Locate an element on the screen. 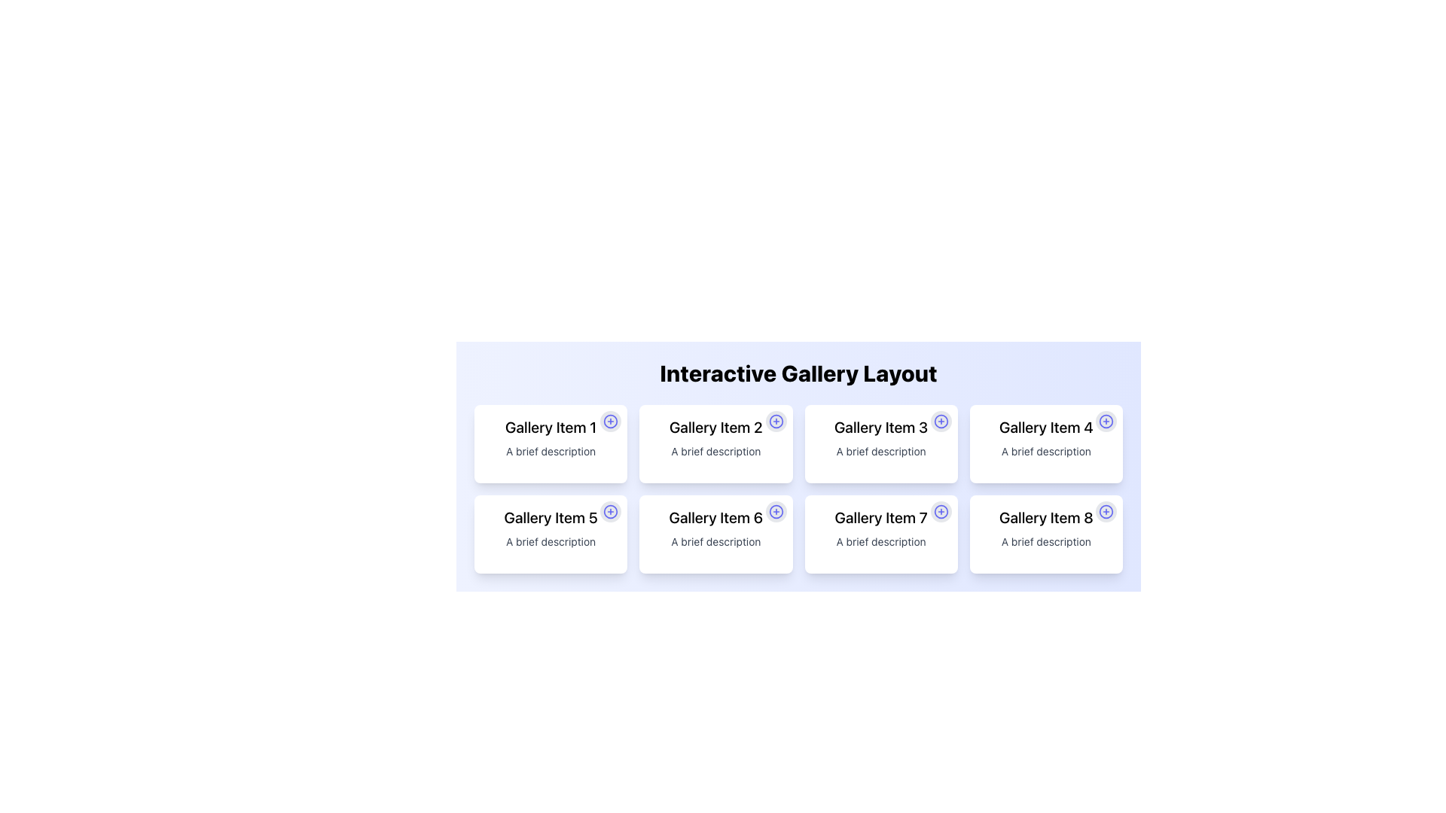 The image size is (1446, 813). the static text label that serves as the title for the fifth item in a 2x4 grid of cards, located in the second row, first column is located at coordinates (550, 516).